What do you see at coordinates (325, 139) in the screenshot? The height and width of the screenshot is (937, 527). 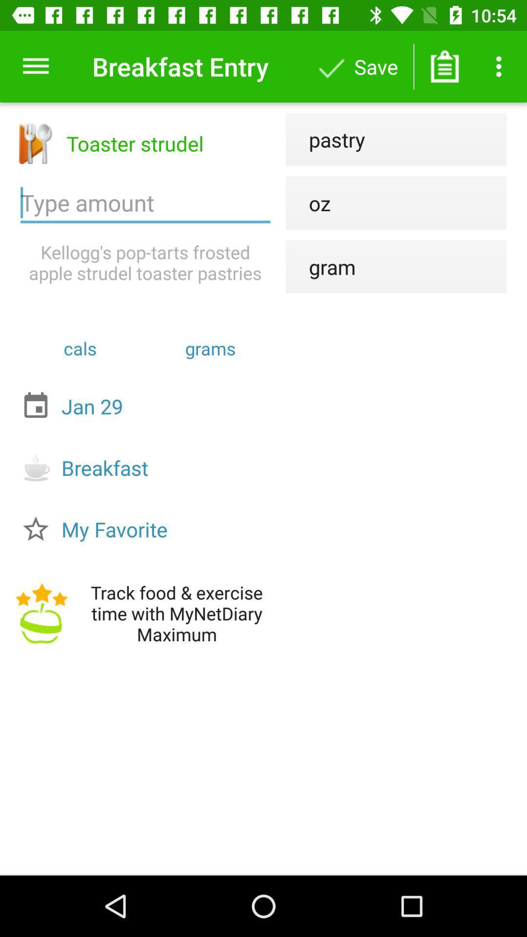 I see `item next to the toaster strudel` at bounding box center [325, 139].